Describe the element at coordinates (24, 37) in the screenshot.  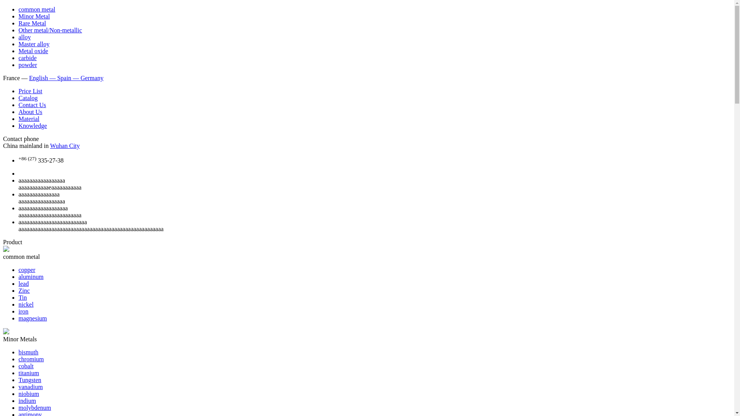
I see `'alloy'` at that location.